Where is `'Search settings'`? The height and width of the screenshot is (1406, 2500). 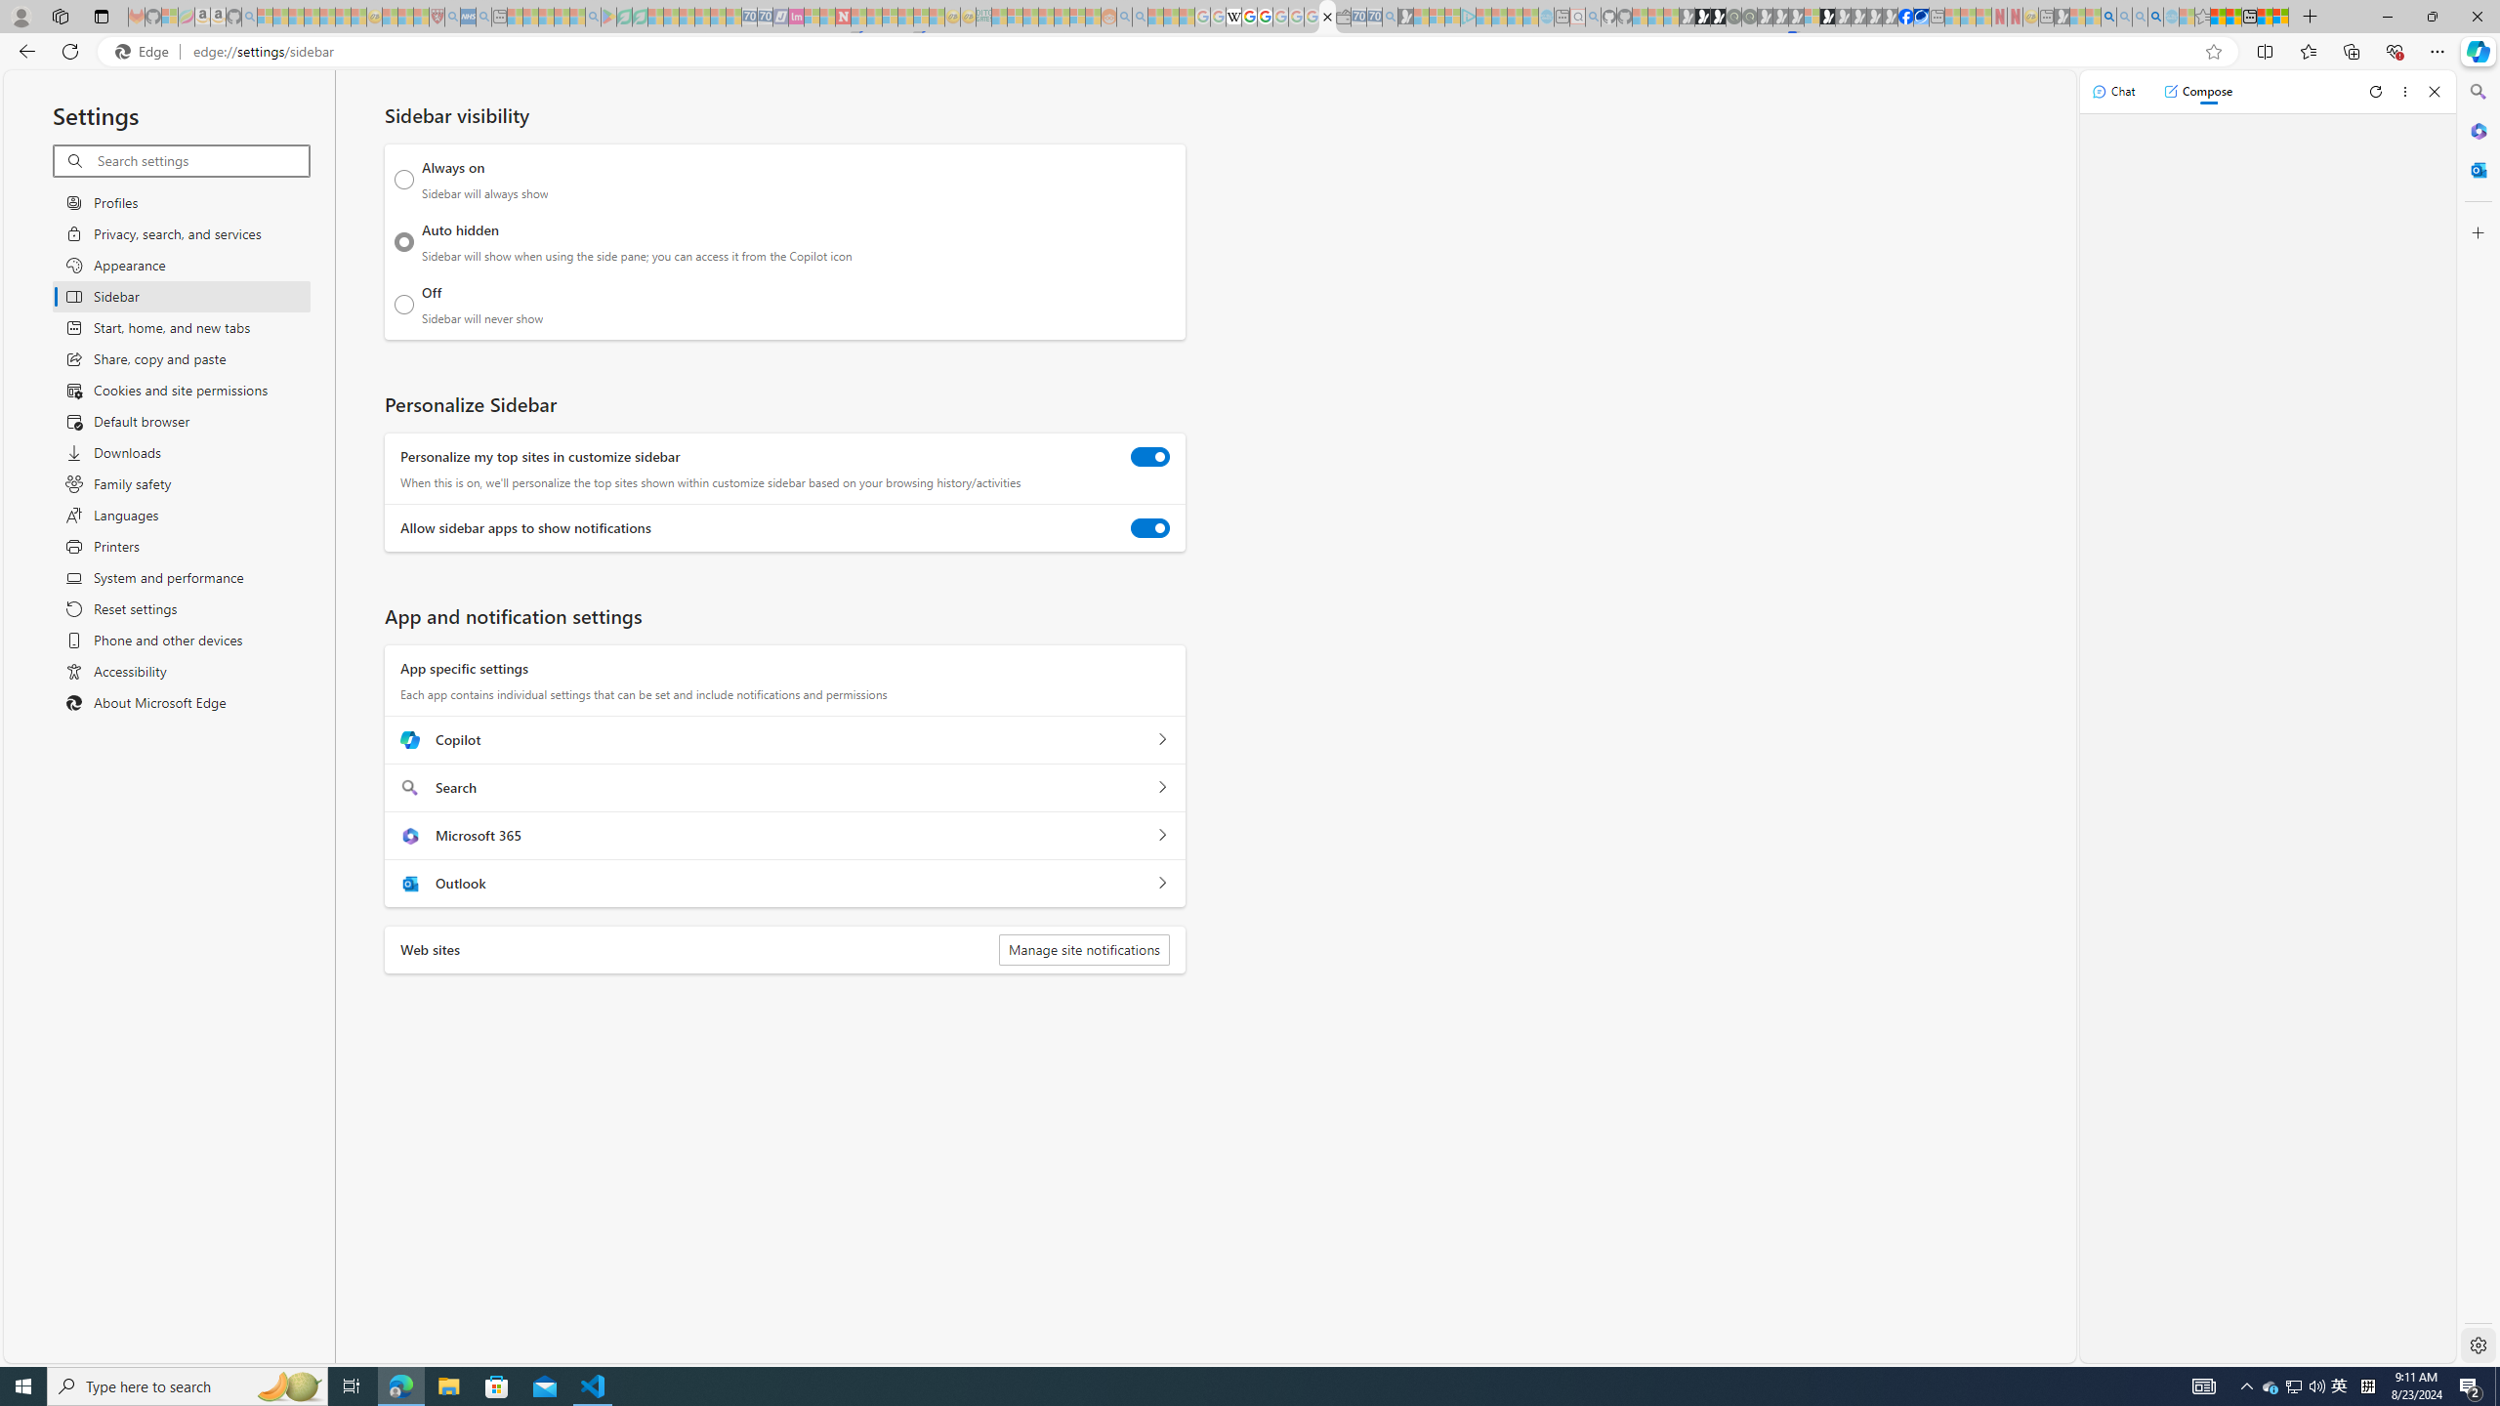 'Search settings' is located at coordinates (202, 160).